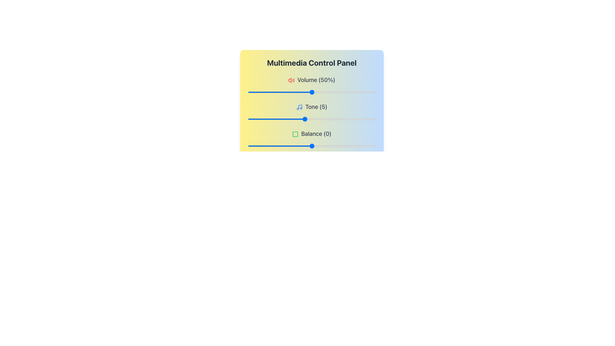 This screenshot has height=346, width=615. Describe the element at coordinates (277, 146) in the screenshot. I see `balance` at that location.